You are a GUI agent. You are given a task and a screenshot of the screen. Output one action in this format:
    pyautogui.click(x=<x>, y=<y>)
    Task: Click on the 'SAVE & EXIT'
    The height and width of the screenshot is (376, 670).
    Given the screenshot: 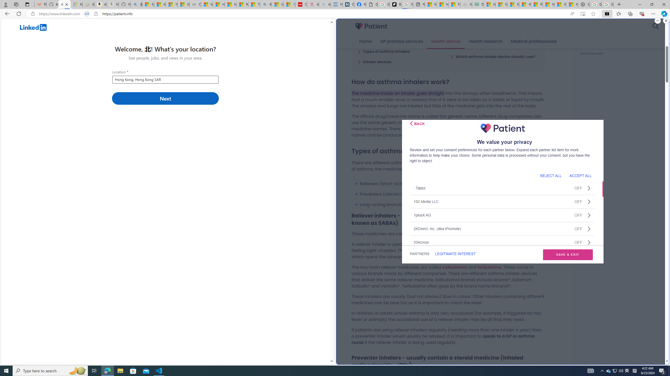 What is the action you would take?
    pyautogui.click(x=567, y=254)
    